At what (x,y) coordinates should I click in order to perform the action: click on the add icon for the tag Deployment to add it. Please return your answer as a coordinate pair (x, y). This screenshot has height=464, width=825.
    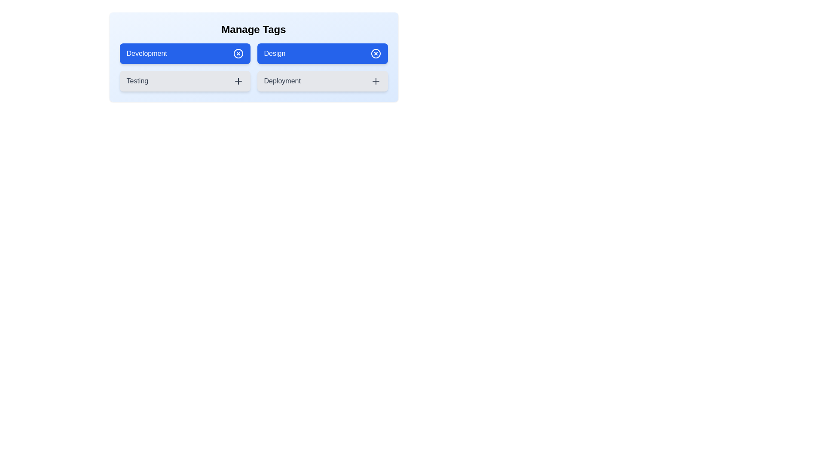
    Looking at the image, I should click on (376, 81).